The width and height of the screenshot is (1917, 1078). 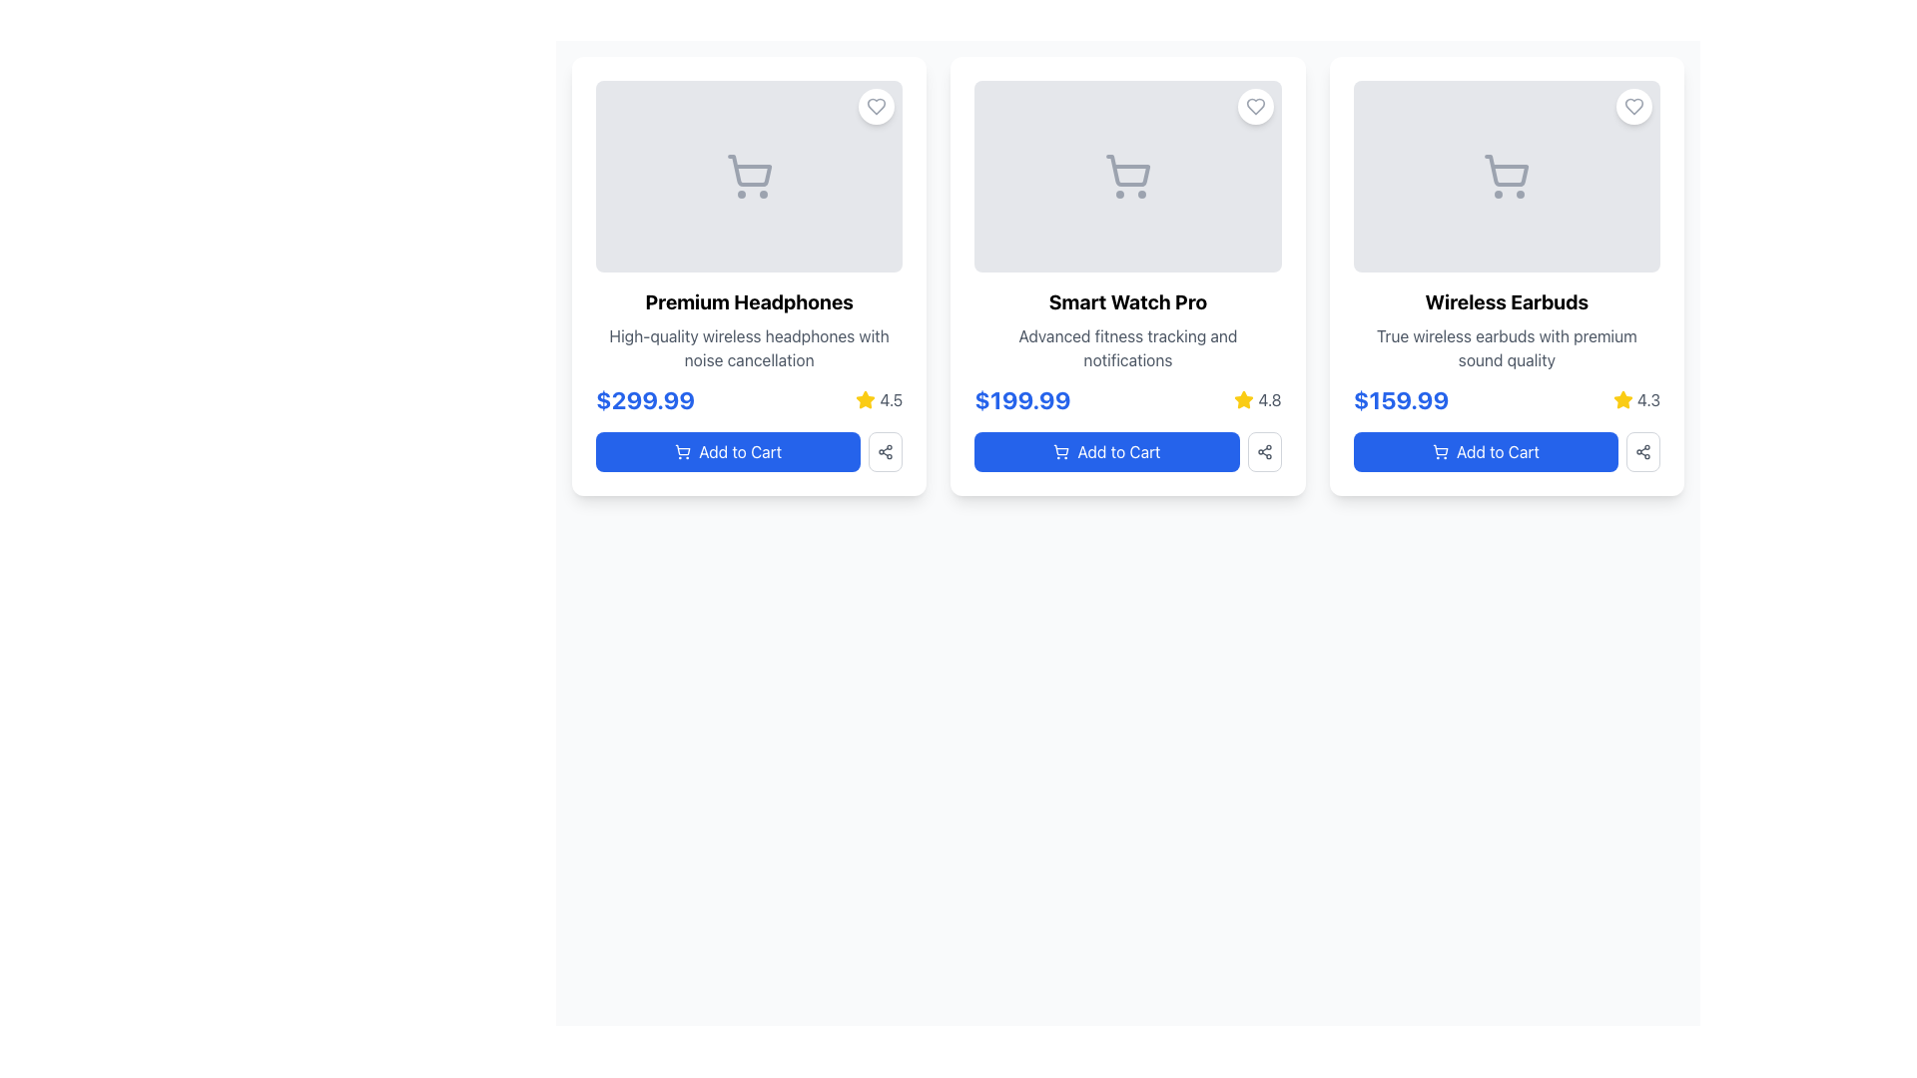 What do you see at coordinates (1507, 346) in the screenshot?
I see `the gray-colored text block that reads 'True wireless earbuds with premium sound quality', located in the bottom-middle part of the card layout, directly beneath the 'Wireless Earbuds' title` at bounding box center [1507, 346].